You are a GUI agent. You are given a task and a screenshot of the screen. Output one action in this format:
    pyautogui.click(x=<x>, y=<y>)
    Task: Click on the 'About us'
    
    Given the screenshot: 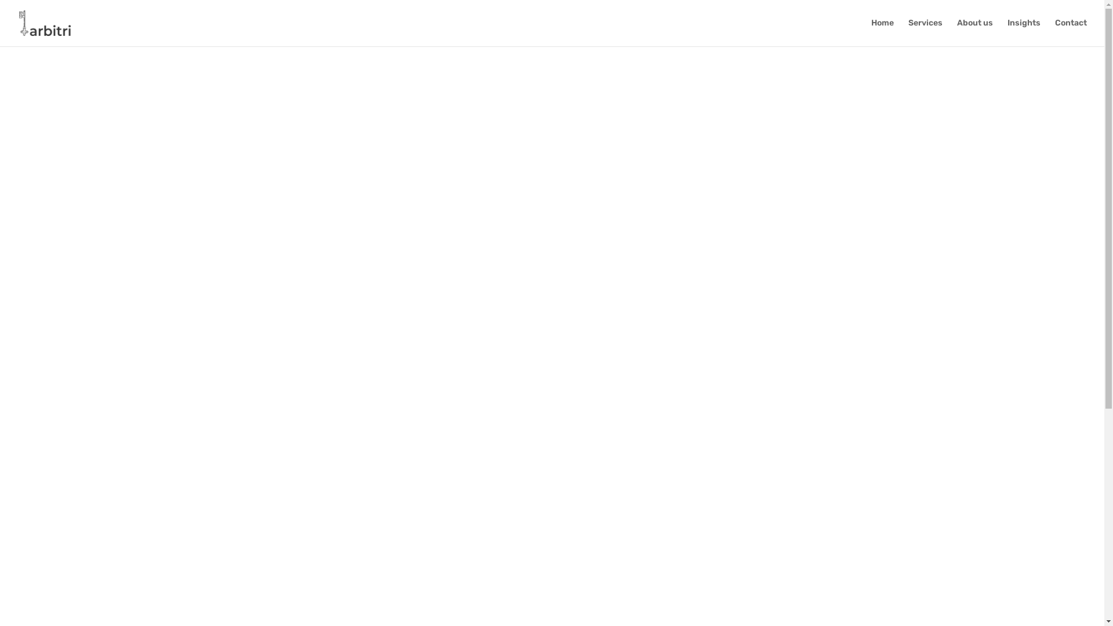 What is the action you would take?
    pyautogui.click(x=974, y=32)
    